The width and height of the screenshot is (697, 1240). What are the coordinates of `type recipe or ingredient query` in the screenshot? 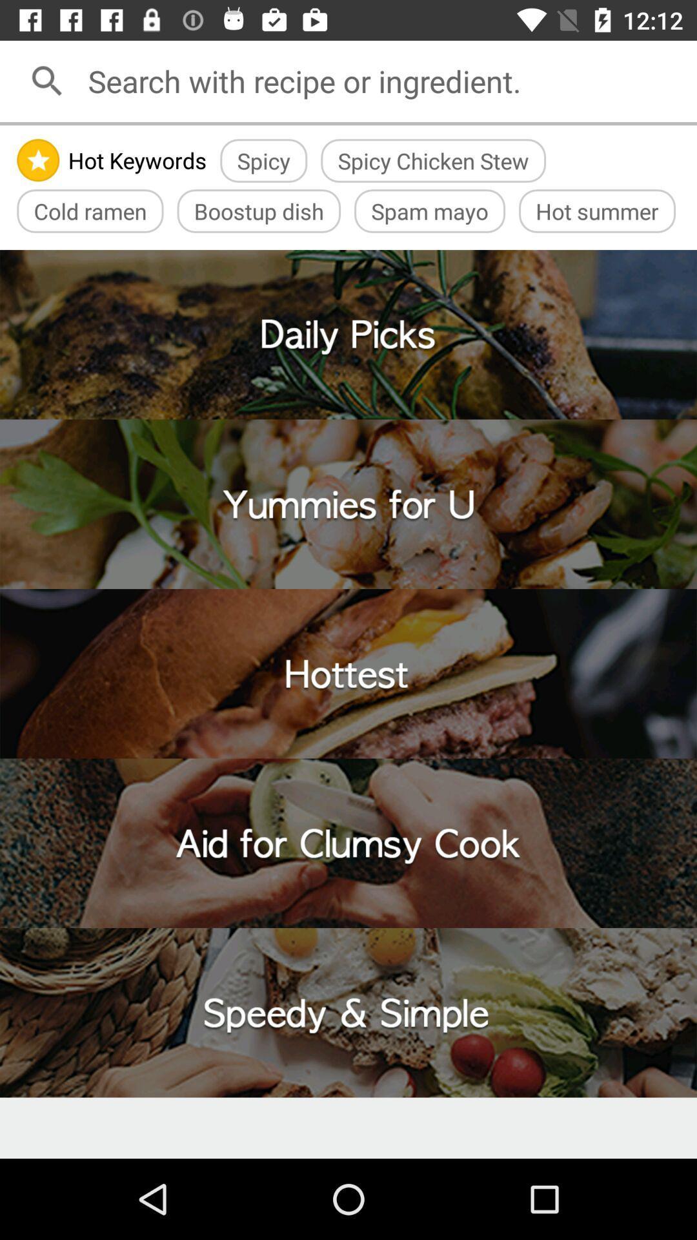 It's located at (387, 80).